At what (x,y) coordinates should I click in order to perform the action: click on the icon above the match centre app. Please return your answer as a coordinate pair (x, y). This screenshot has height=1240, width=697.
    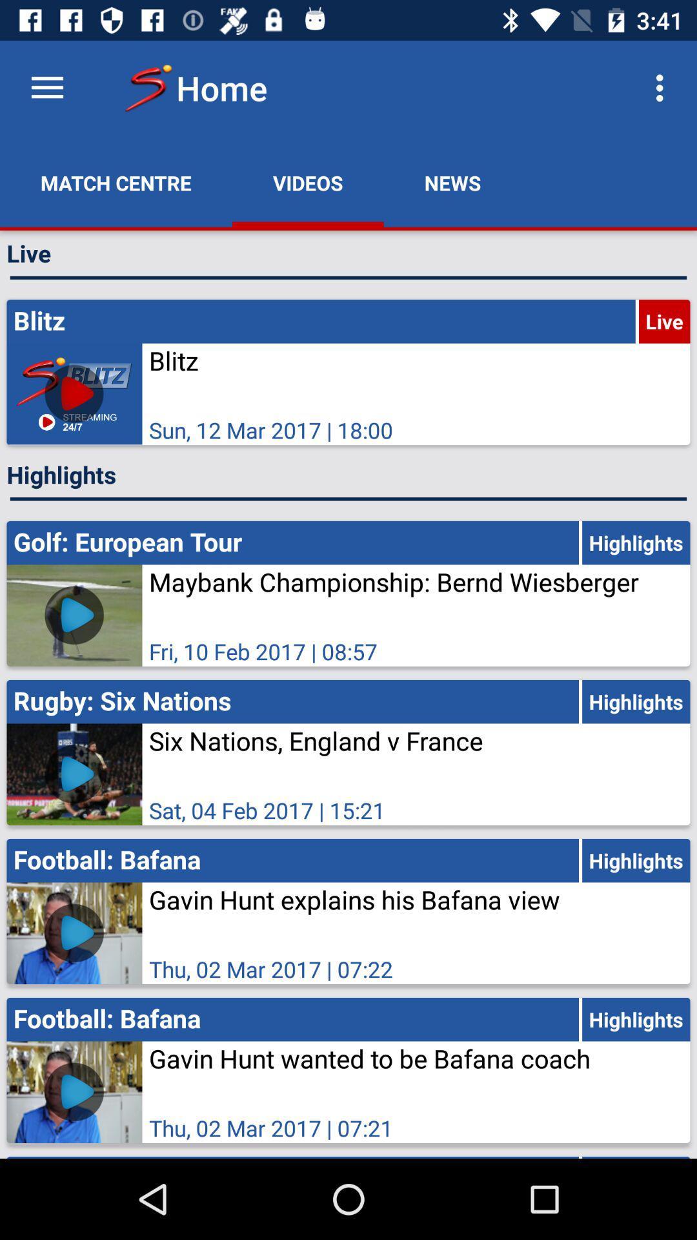
    Looking at the image, I should click on (46, 87).